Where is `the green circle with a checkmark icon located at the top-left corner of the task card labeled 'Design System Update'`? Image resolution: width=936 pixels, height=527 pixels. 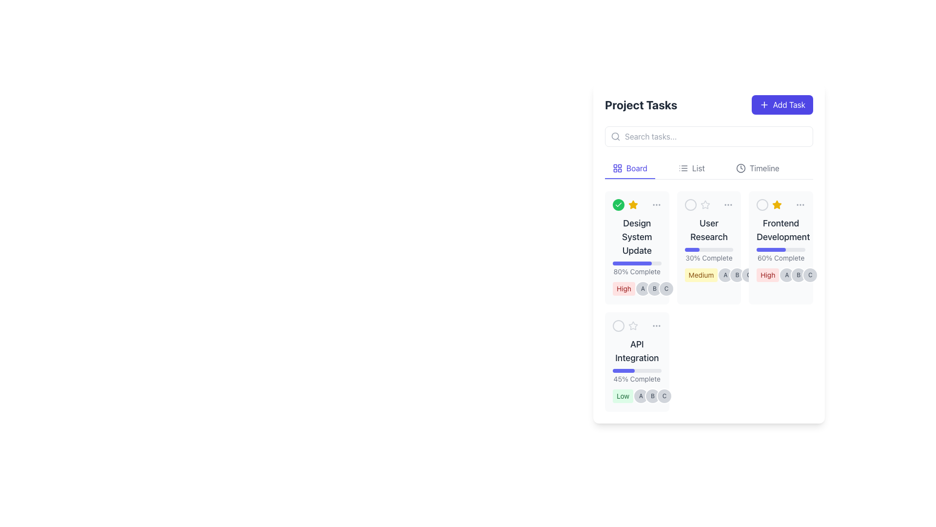
the green circle with a checkmark icon located at the top-left corner of the task card labeled 'Design System Update' is located at coordinates (625, 204).